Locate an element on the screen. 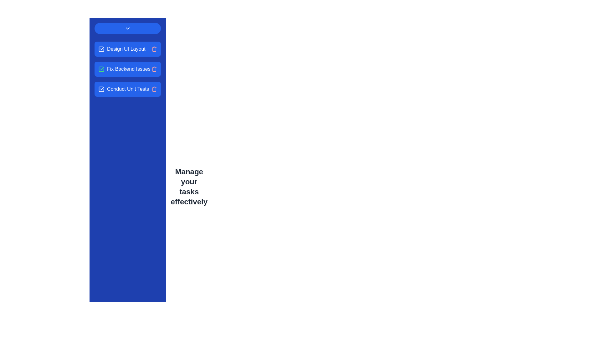 This screenshot has width=601, height=338. the delete button located is located at coordinates (154, 89).